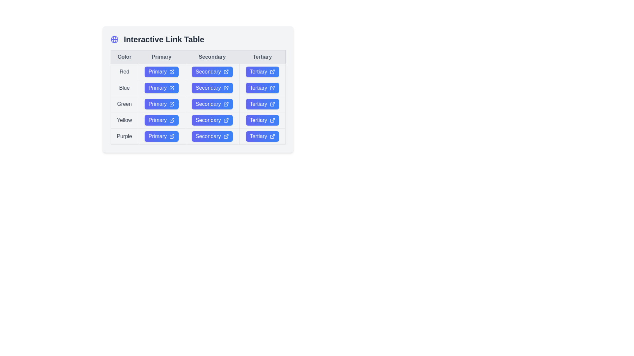  I want to click on the 'Tertiary' button with a gradient background transitioning from indigo to blue, located in the bottom right corner of the 'Purple' row, so click(262, 136).